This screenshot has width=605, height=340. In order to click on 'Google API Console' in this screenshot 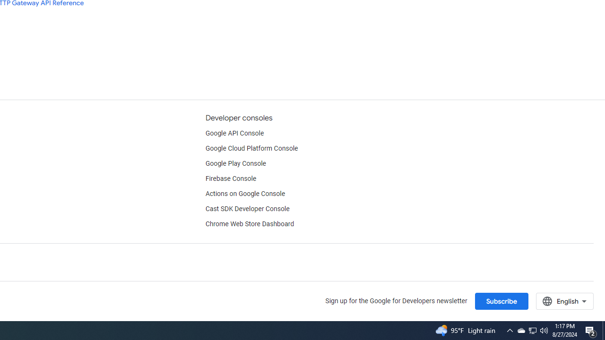, I will do `click(234, 133)`.